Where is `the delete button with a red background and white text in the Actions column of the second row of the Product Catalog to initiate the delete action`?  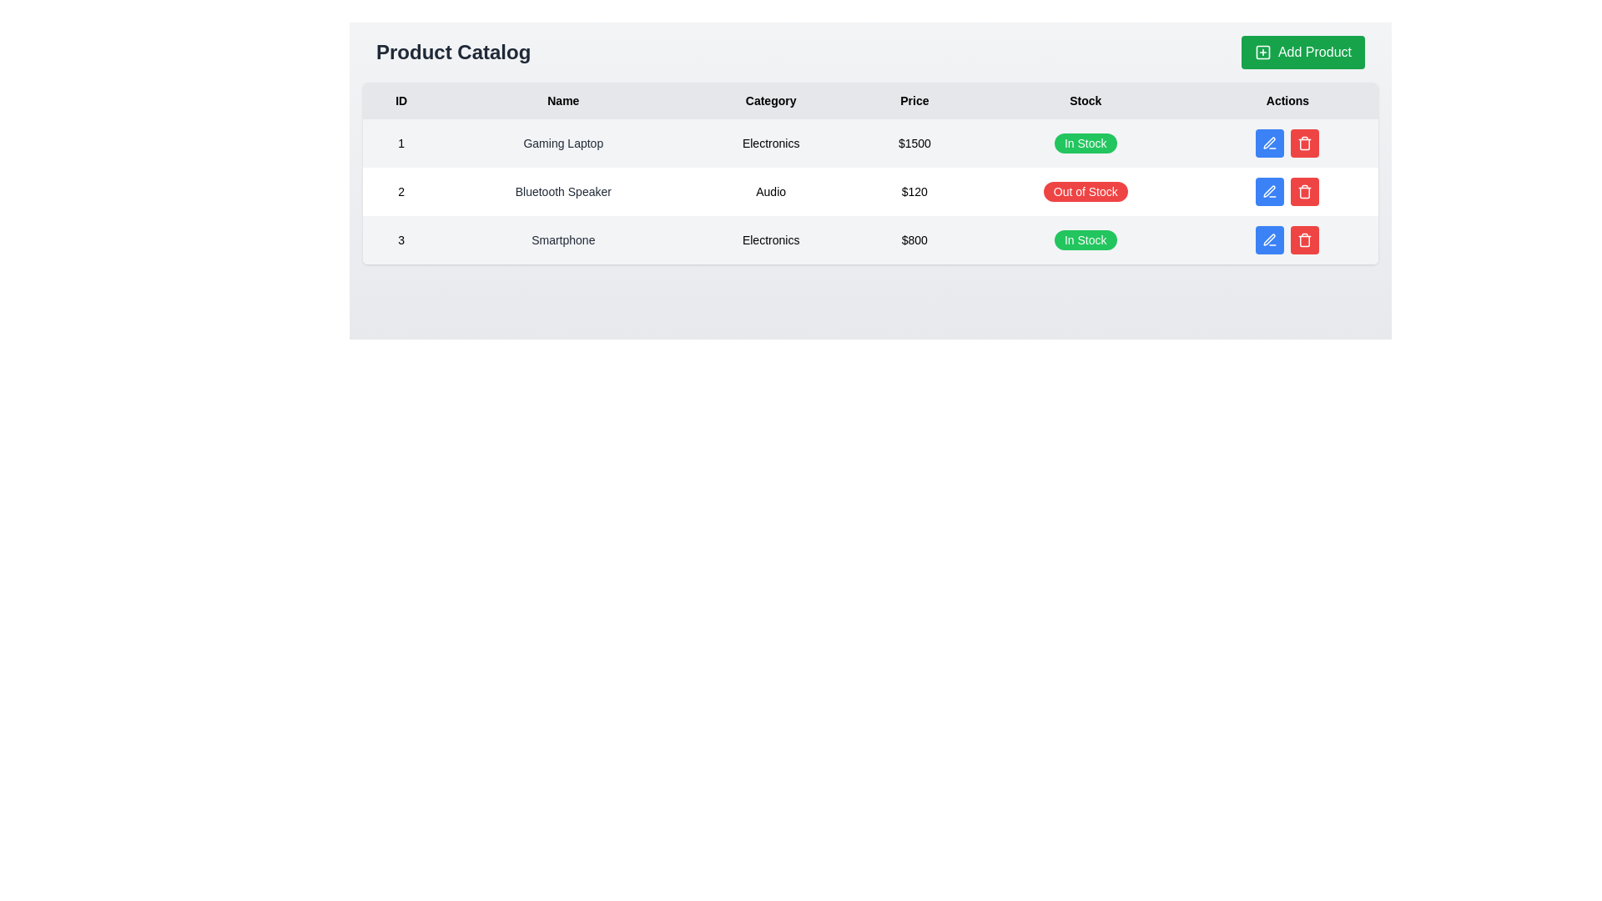
the delete button with a red background and white text in the Actions column of the second row of the Product Catalog to initiate the delete action is located at coordinates (1304, 143).